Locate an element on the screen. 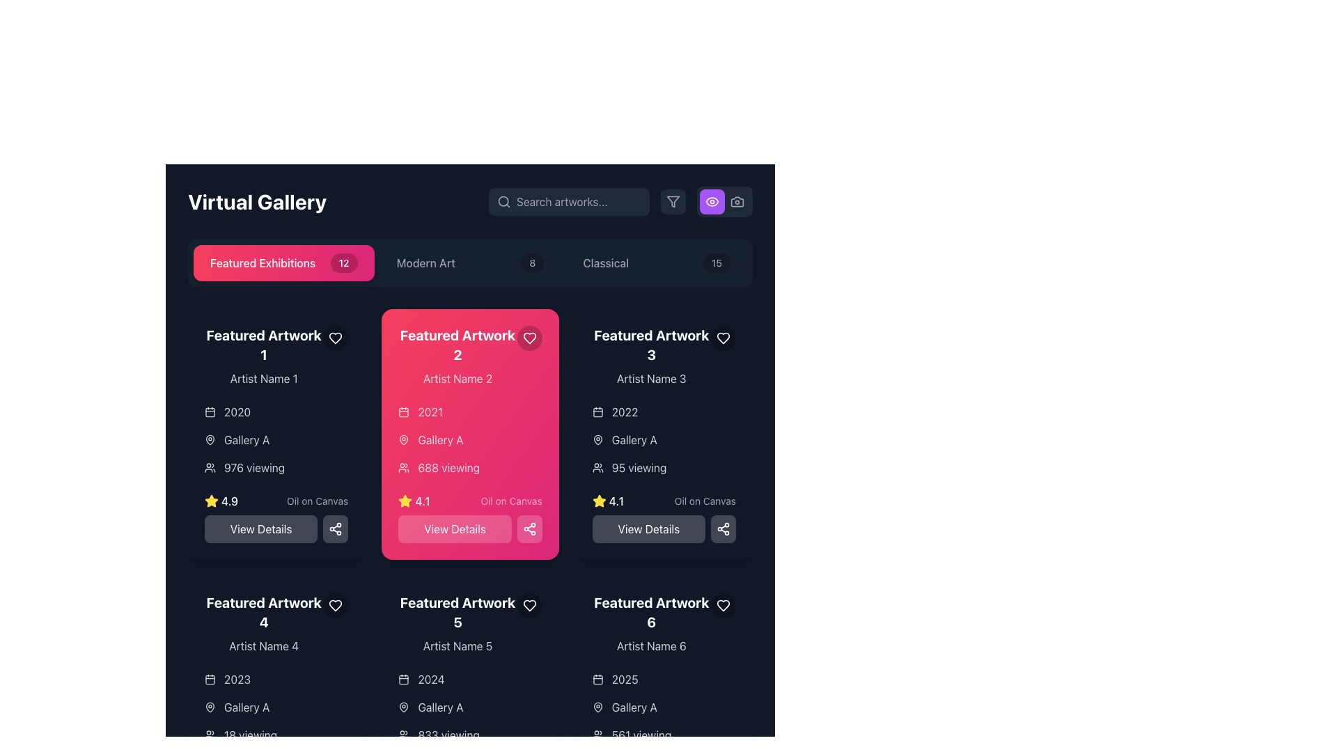 The width and height of the screenshot is (1337, 752). the Text Label displaying 'Featured Artwork 4', which is located in the bottom-left grid item of the layout, under 'Featured Artwork 1' and to the left of 'Featured Artwork 5' is located at coordinates (264, 611).